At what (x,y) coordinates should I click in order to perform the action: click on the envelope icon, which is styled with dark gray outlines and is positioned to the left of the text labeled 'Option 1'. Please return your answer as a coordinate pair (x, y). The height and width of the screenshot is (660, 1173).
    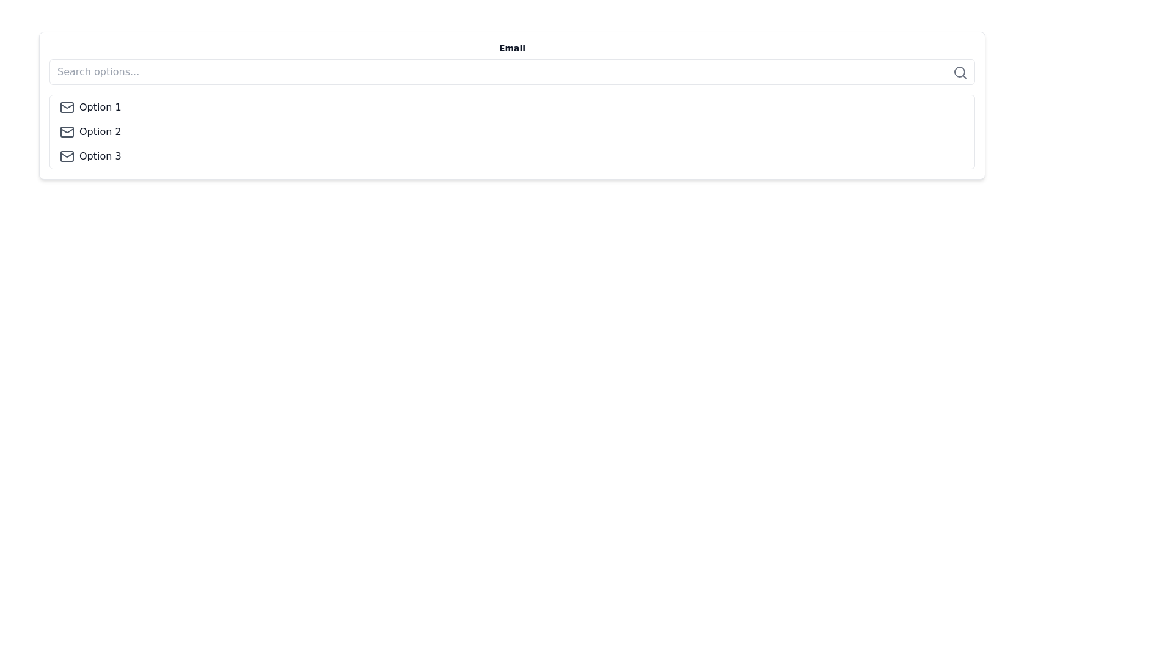
    Looking at the image, I should click on (67, 107).